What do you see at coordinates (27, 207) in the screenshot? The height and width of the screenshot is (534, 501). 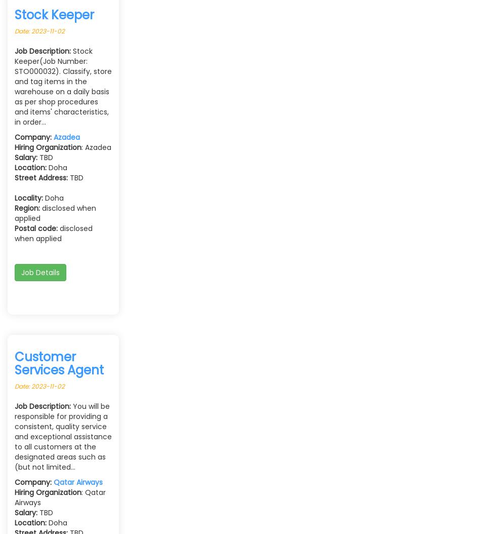 I see `'Region:'` at bounding box center [27, 207].